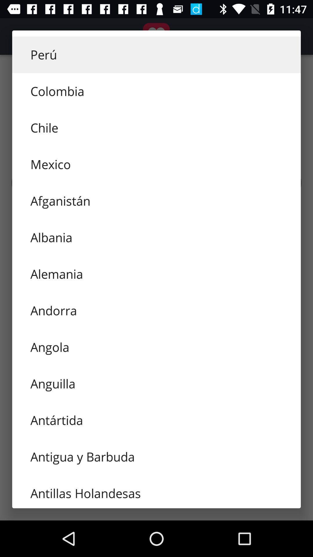 The height and width of the screenshot is (557, 313). What do you see at coordinates (156, 384) in the screenshot?
I see `the anguilla` at bounding box center [156, 384].